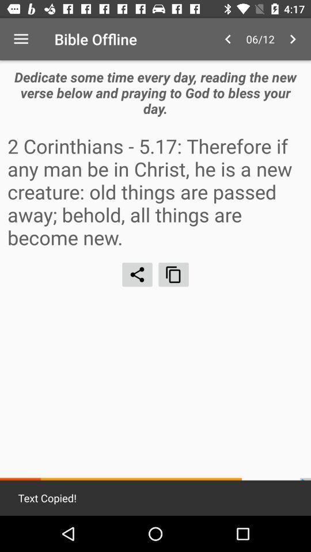  What do you see at coordinates (137, 274) in the screenshot?
I see `the share icon` at bounding box center [137, 274].